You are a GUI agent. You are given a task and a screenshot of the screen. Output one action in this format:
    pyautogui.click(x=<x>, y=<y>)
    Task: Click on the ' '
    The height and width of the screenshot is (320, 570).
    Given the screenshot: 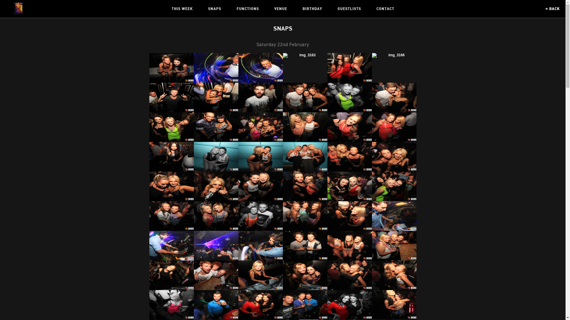 What is the action you would take?
    pyautogui.click(x=215, y=156)
    